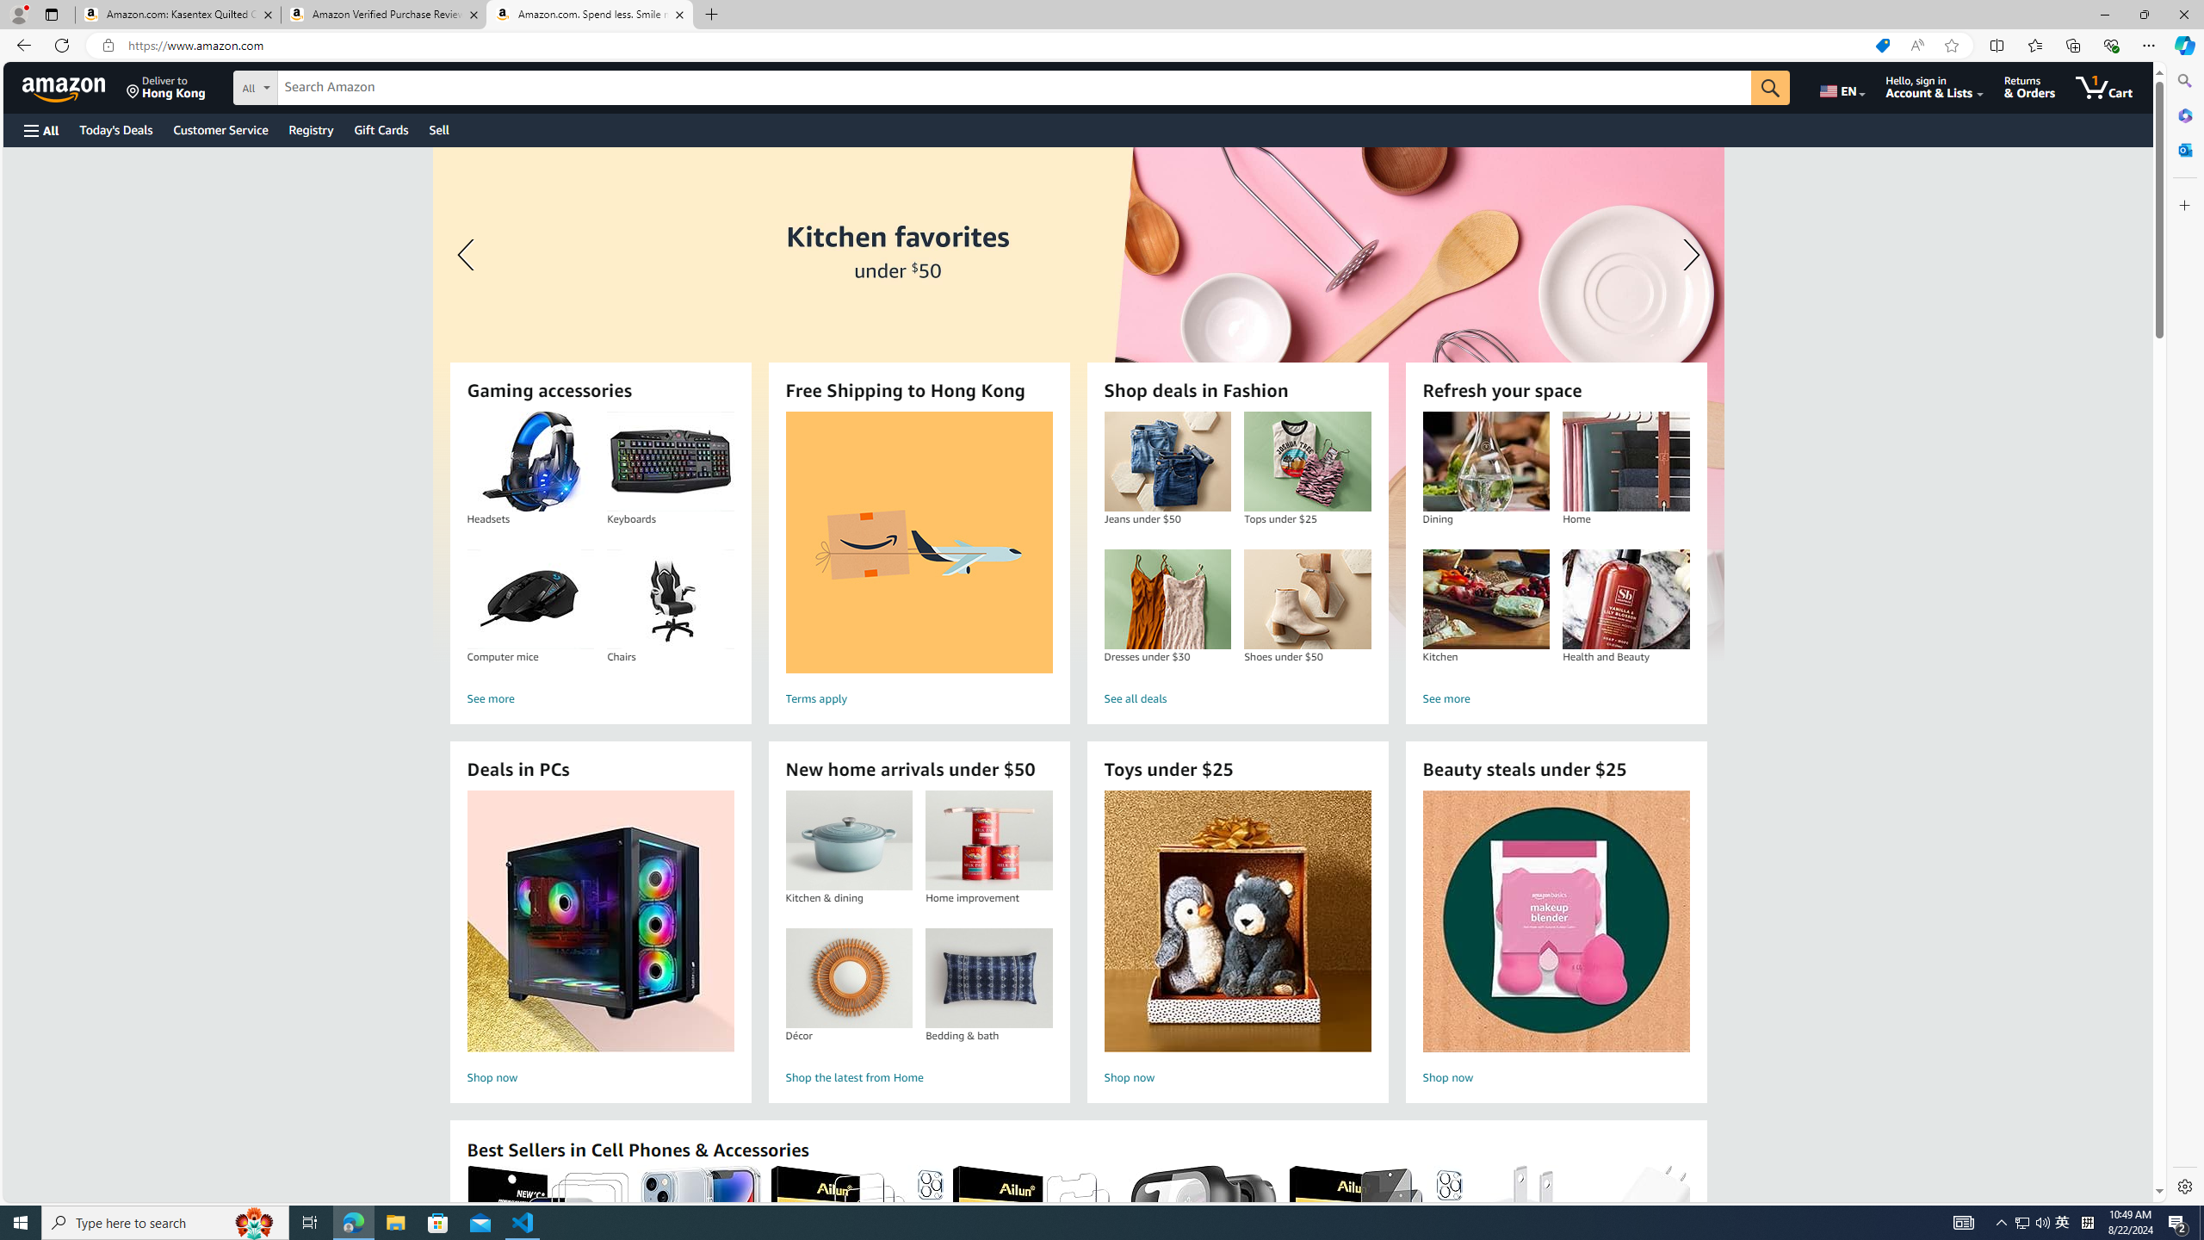 This screenshot has width=2204, height=1240. I want to click on 'Gift Cards', so click(380, 129).